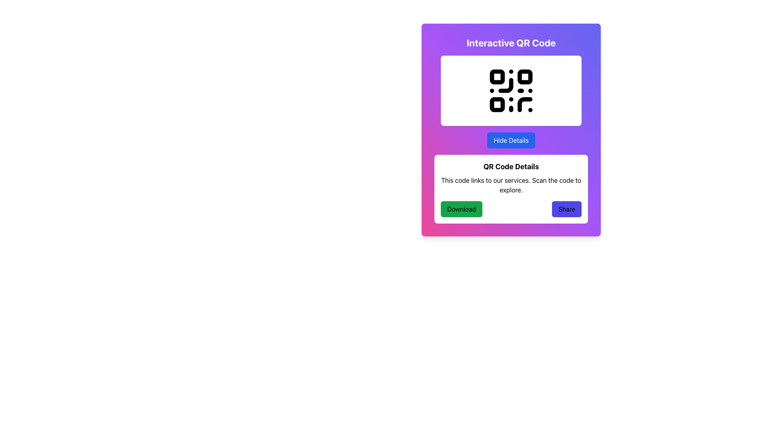 This screenshot has height=432, width=768. Describe the element at coordinates (525, 77) in the screenshot. I see `the second square in the top row of the QR code, which is styled to resemble an inner square of a QR code and has rounded corners` at that location.